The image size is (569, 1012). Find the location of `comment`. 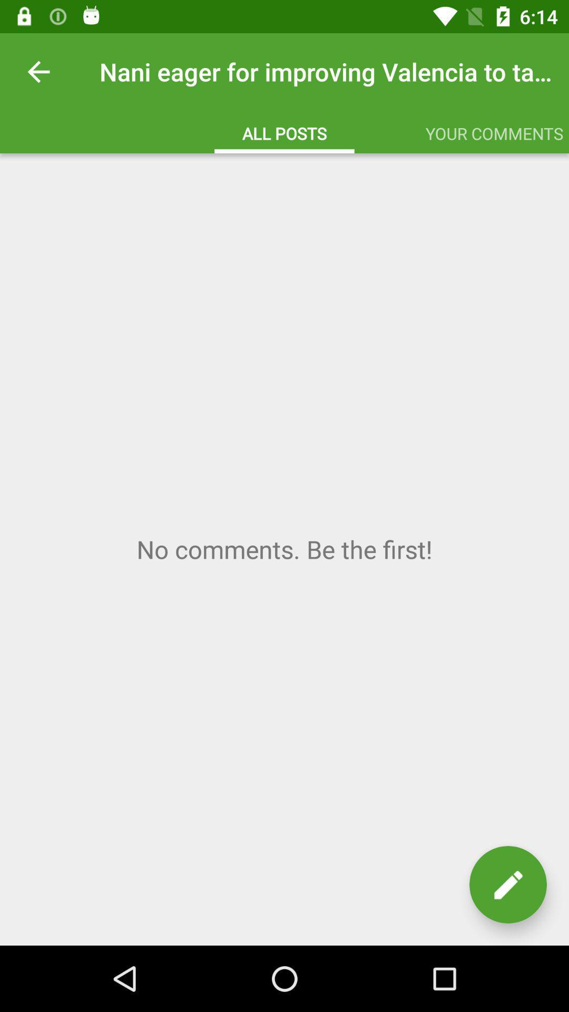

comment is located at coordinates (284, 549).